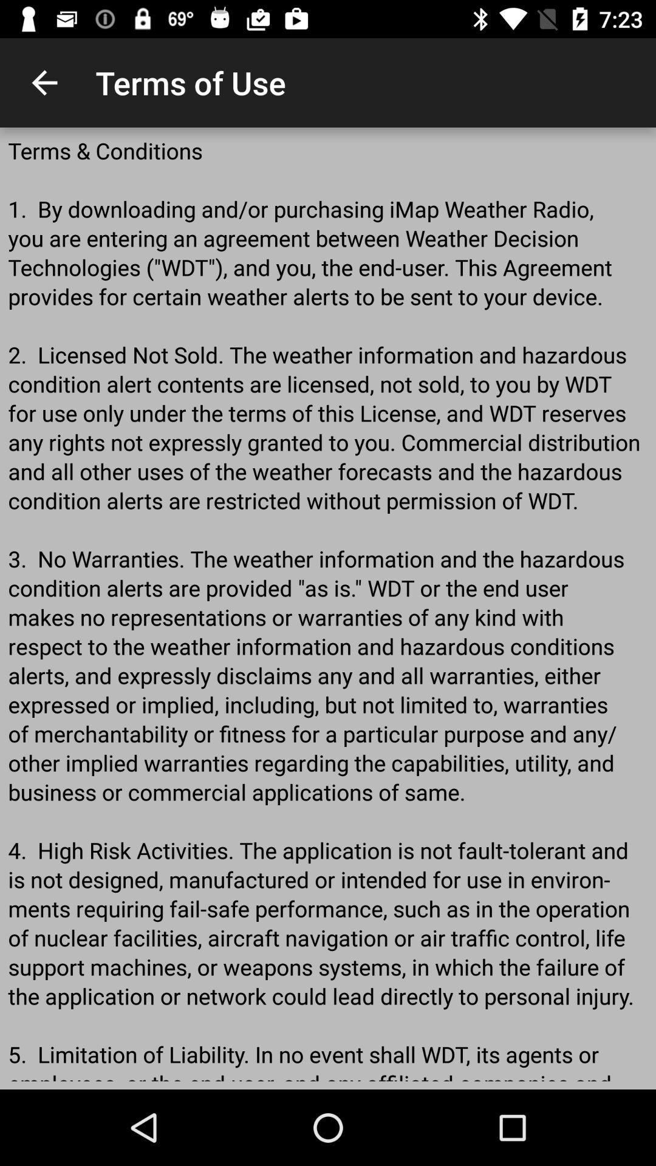  What do you see at coordinates (328, 609) in the screenshot?
I see `terms conditions 1 item` at bounding box center [328, 609].